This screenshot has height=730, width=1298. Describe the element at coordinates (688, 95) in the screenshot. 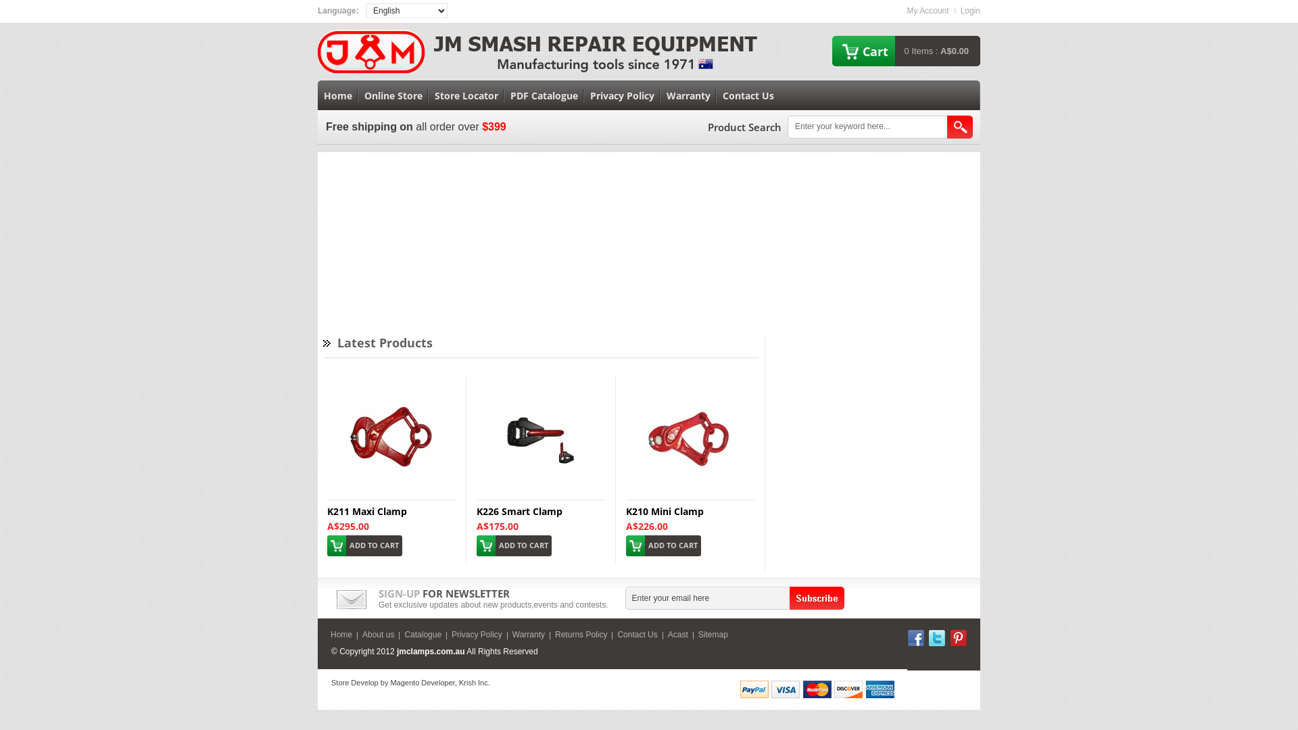

I see `'Warranty'` at that location.